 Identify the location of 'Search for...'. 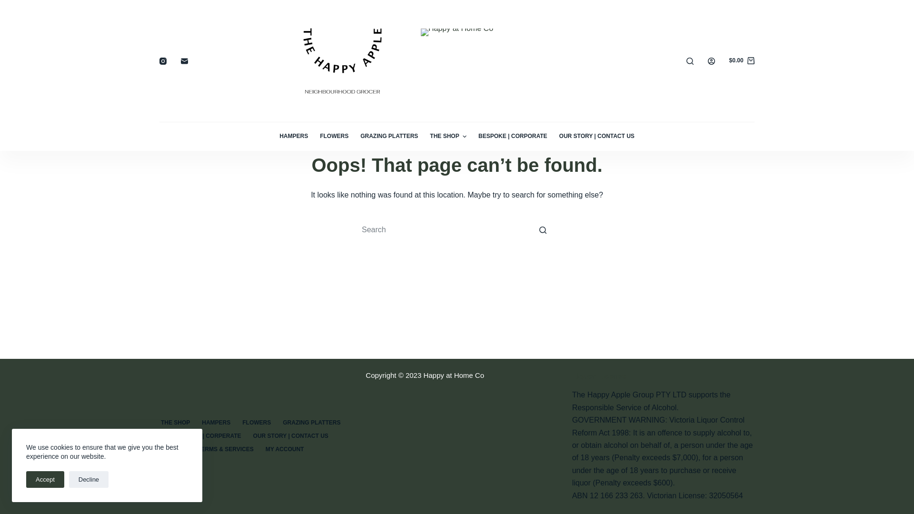
(457, 229).